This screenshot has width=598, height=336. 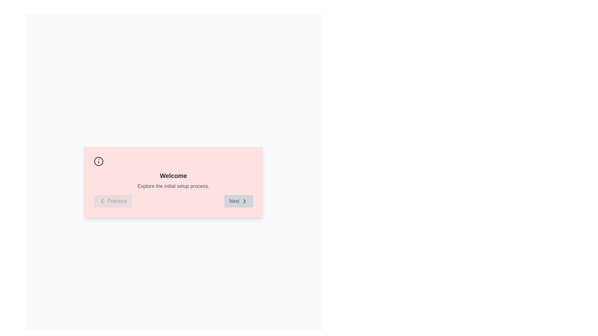 I want to click on the backward navigation icon located in the bottom-left corner of the dialog box, so click(x=102, y=201).